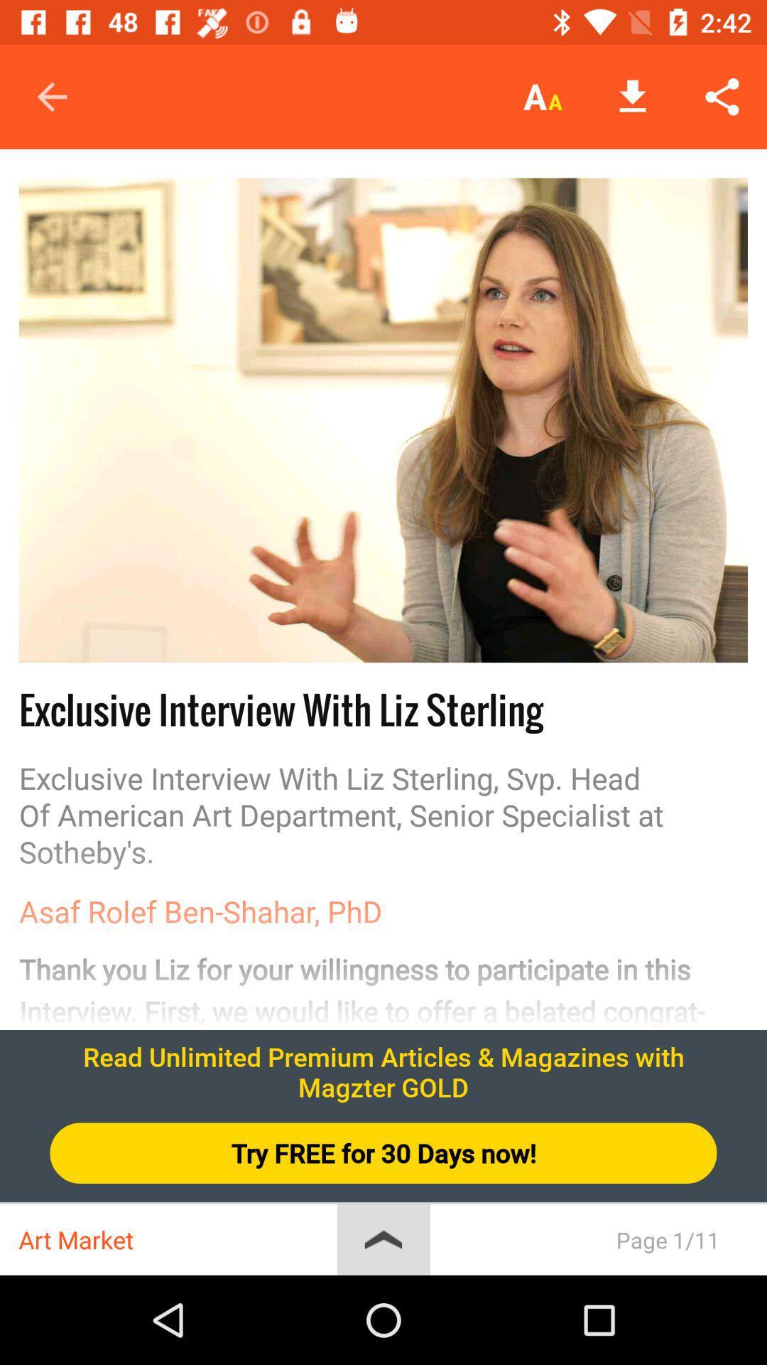 Image resolution: width=767 pixels, height=1365 pixels. Describe the element at coordinates (51, 96) in the screenshot. I see `the icon at the top left corner` at that location.